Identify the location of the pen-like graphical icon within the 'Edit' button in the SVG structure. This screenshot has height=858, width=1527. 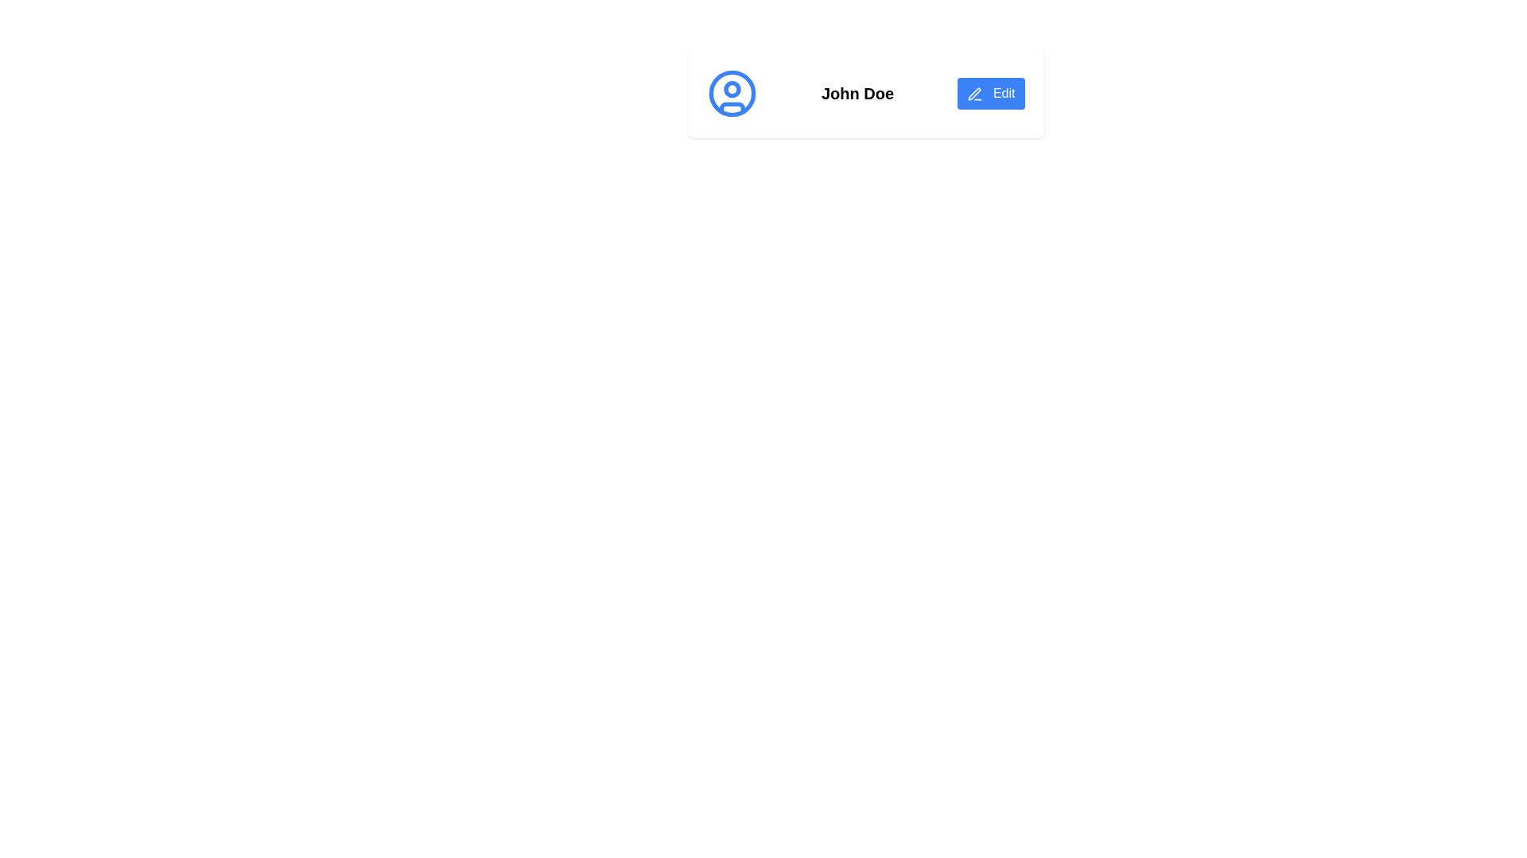
(974, 94).